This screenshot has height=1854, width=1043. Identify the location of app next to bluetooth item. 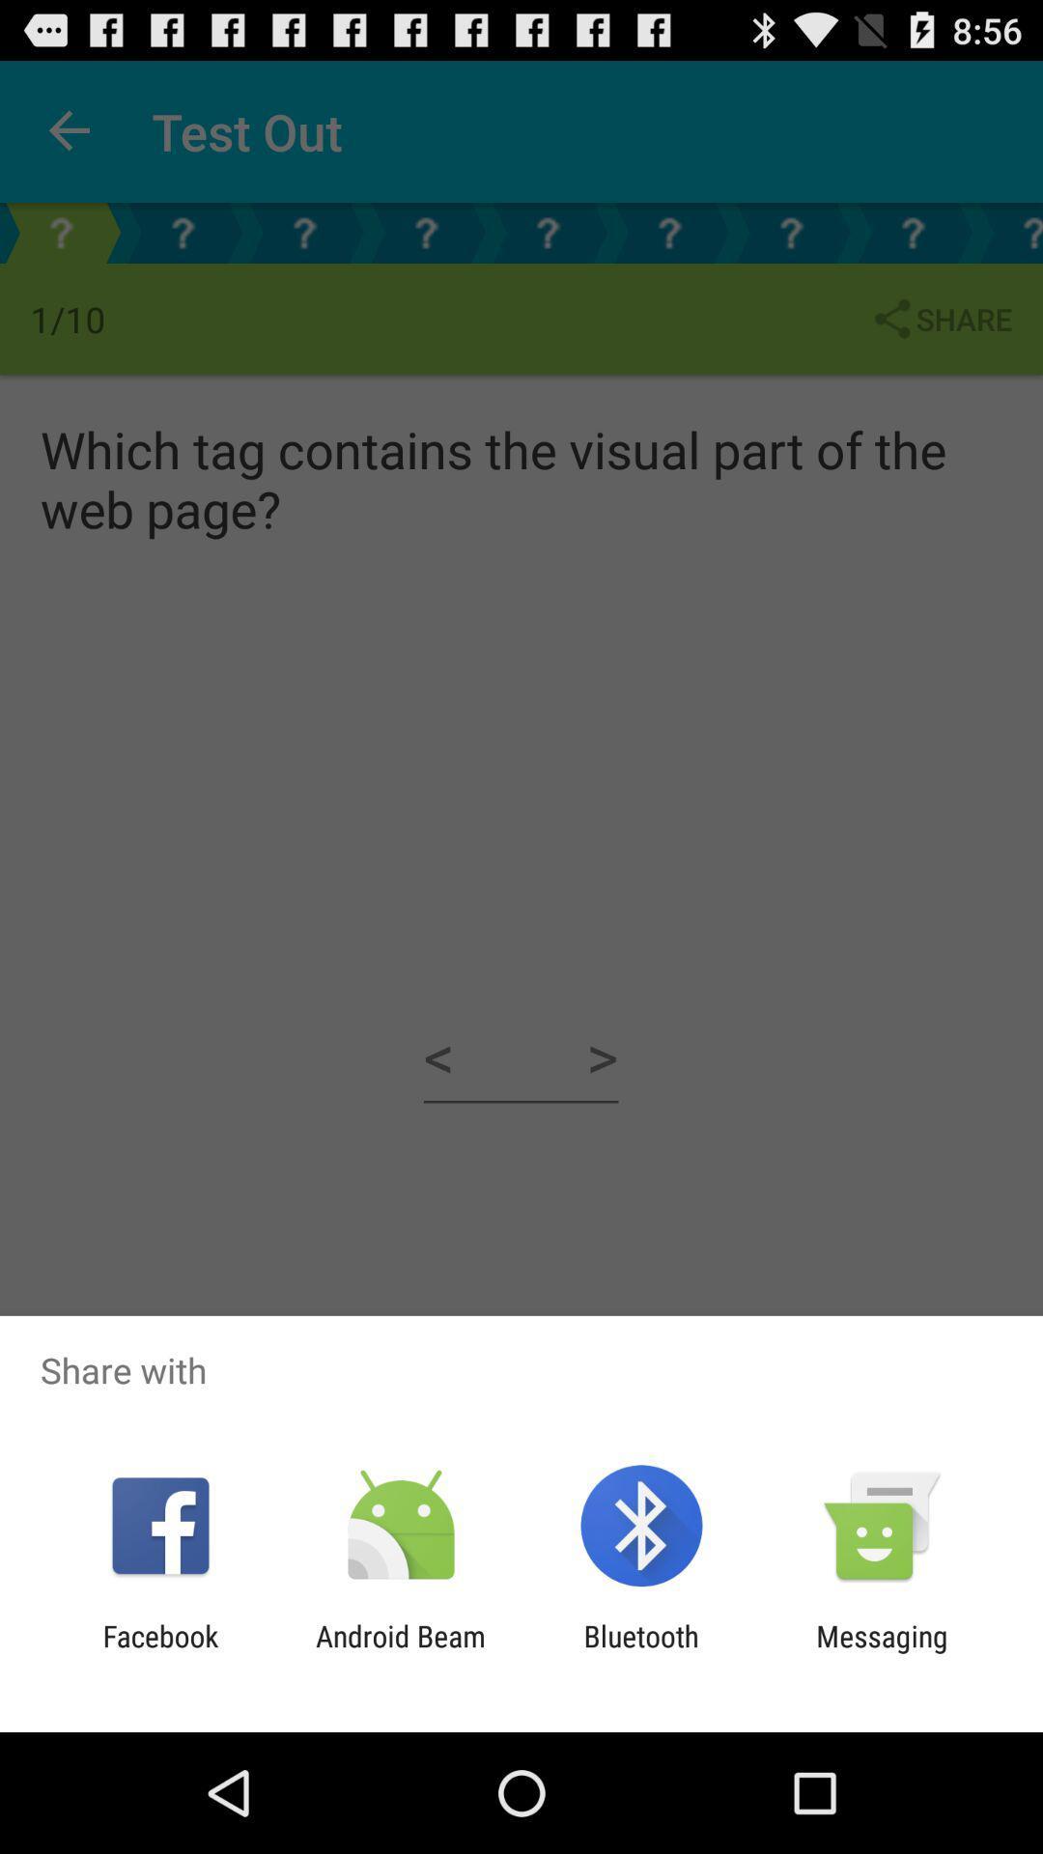
(882, 1652).